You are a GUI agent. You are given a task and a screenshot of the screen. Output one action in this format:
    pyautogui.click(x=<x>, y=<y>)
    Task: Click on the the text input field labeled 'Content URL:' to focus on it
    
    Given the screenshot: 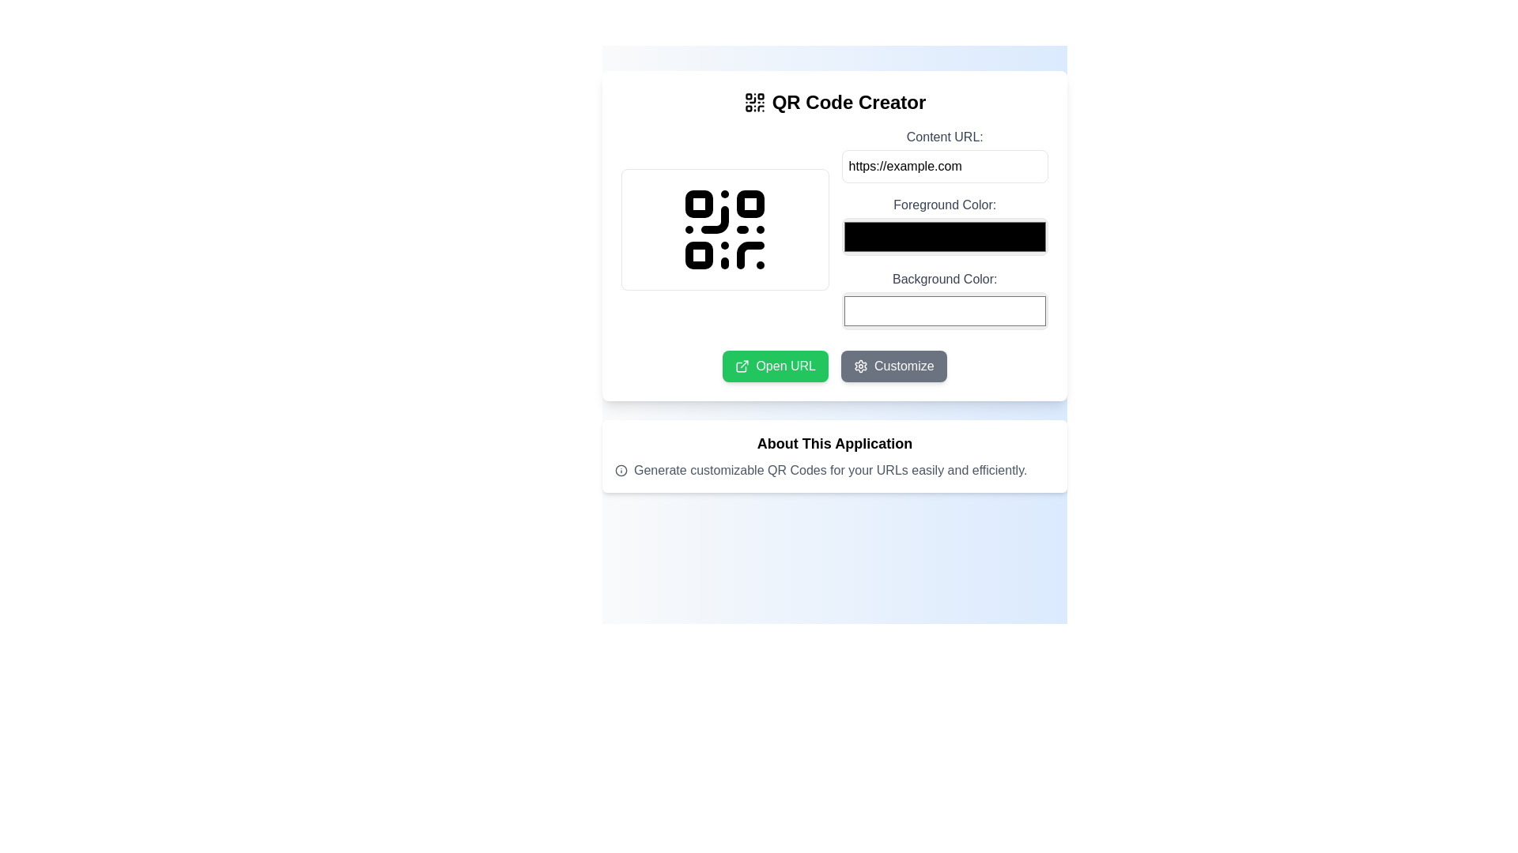 What is the action you would take?
    pyautogui.click(x=945, y=155)
    